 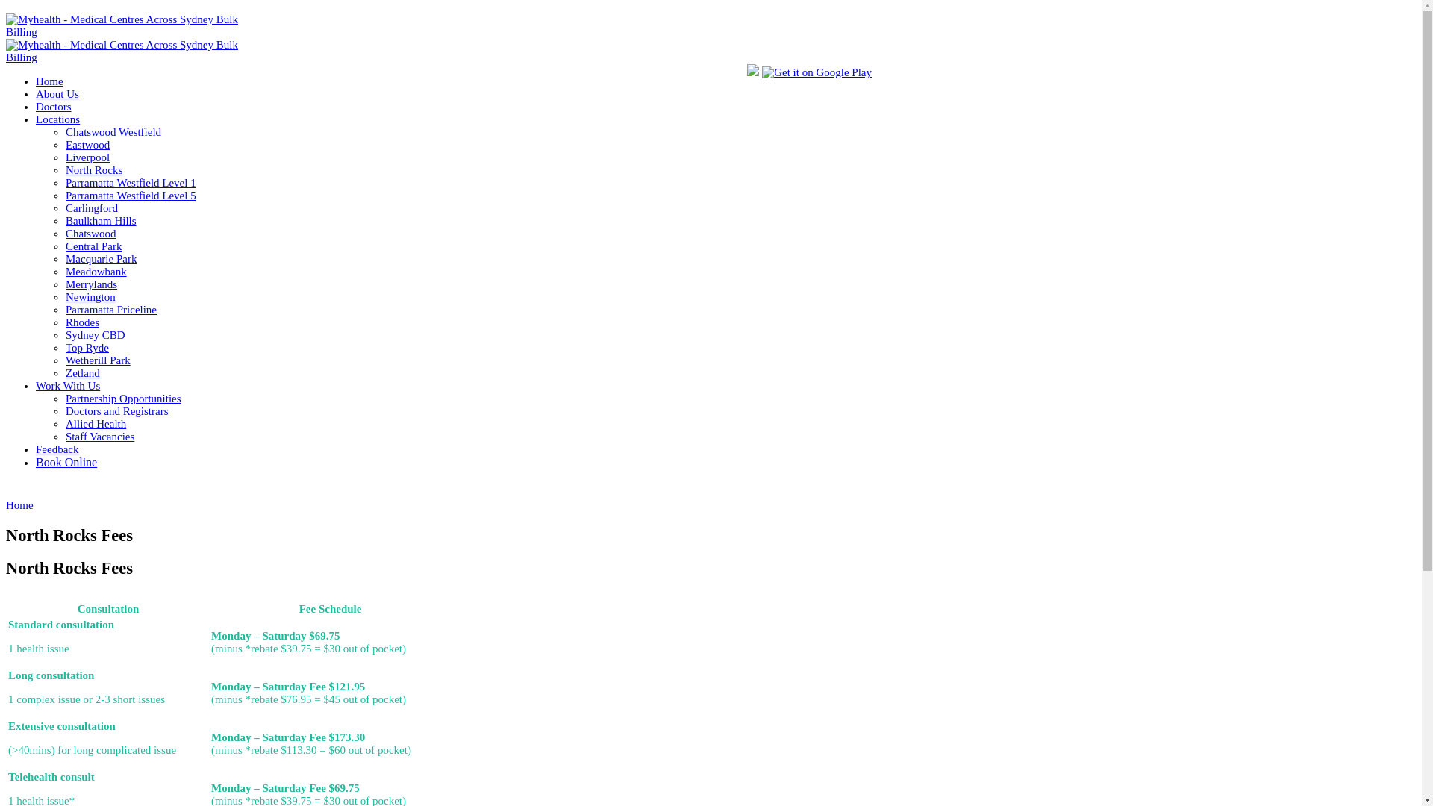 I want to click on 'Myhealth -  Medical Centres Across Sydney Bulk Billing', so click(x=136, y=25).